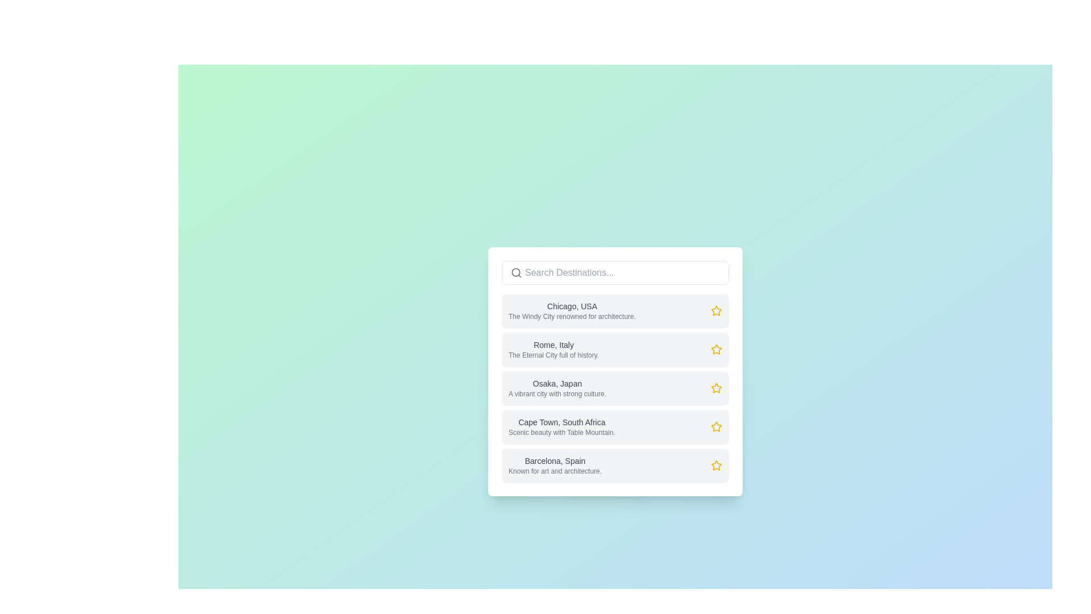 Image resolution: width=1091 pixels, height=614 pixels. I want to click on the List Item displaying 'Chicago, USA' with a description below it and a star icon, so click(615, 311).